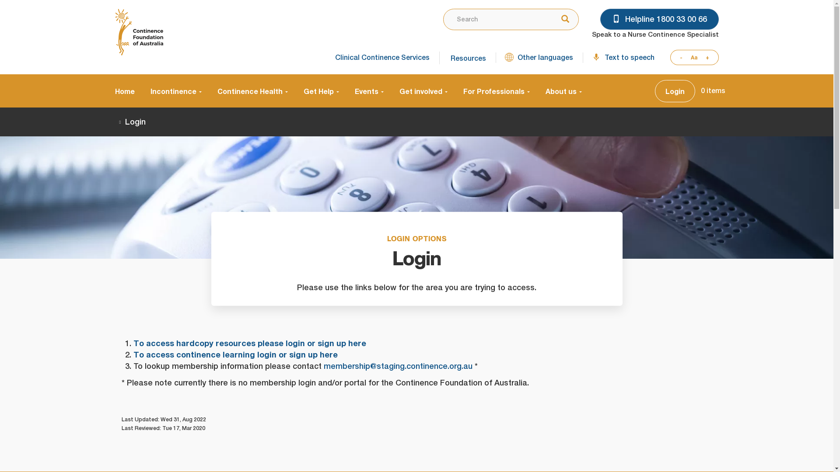 Image resolution: width=840 pixels, height=472 pixels. I want to click on 'Incontinence', so click(175, 91).